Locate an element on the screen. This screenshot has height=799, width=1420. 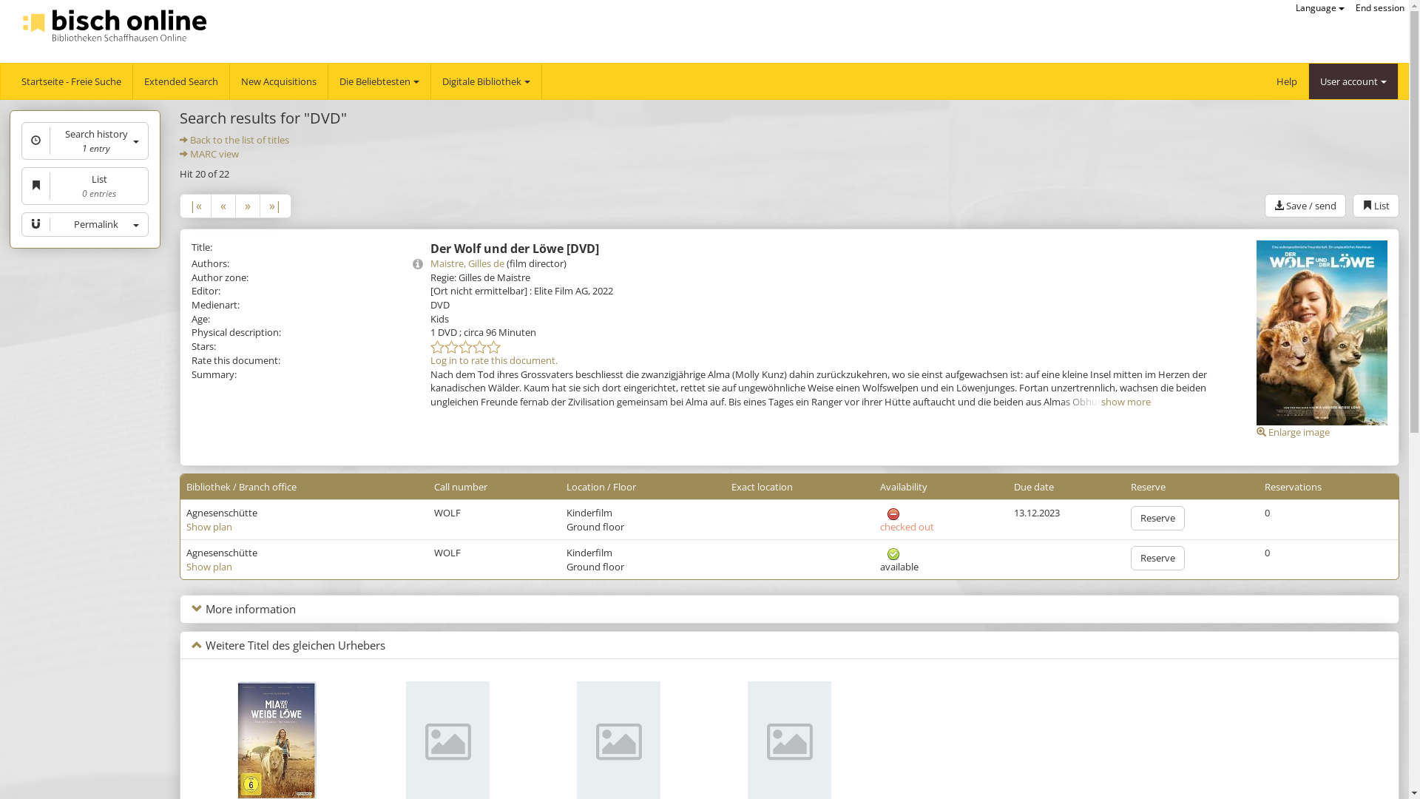
'available' is located at coordinates (893, 553).